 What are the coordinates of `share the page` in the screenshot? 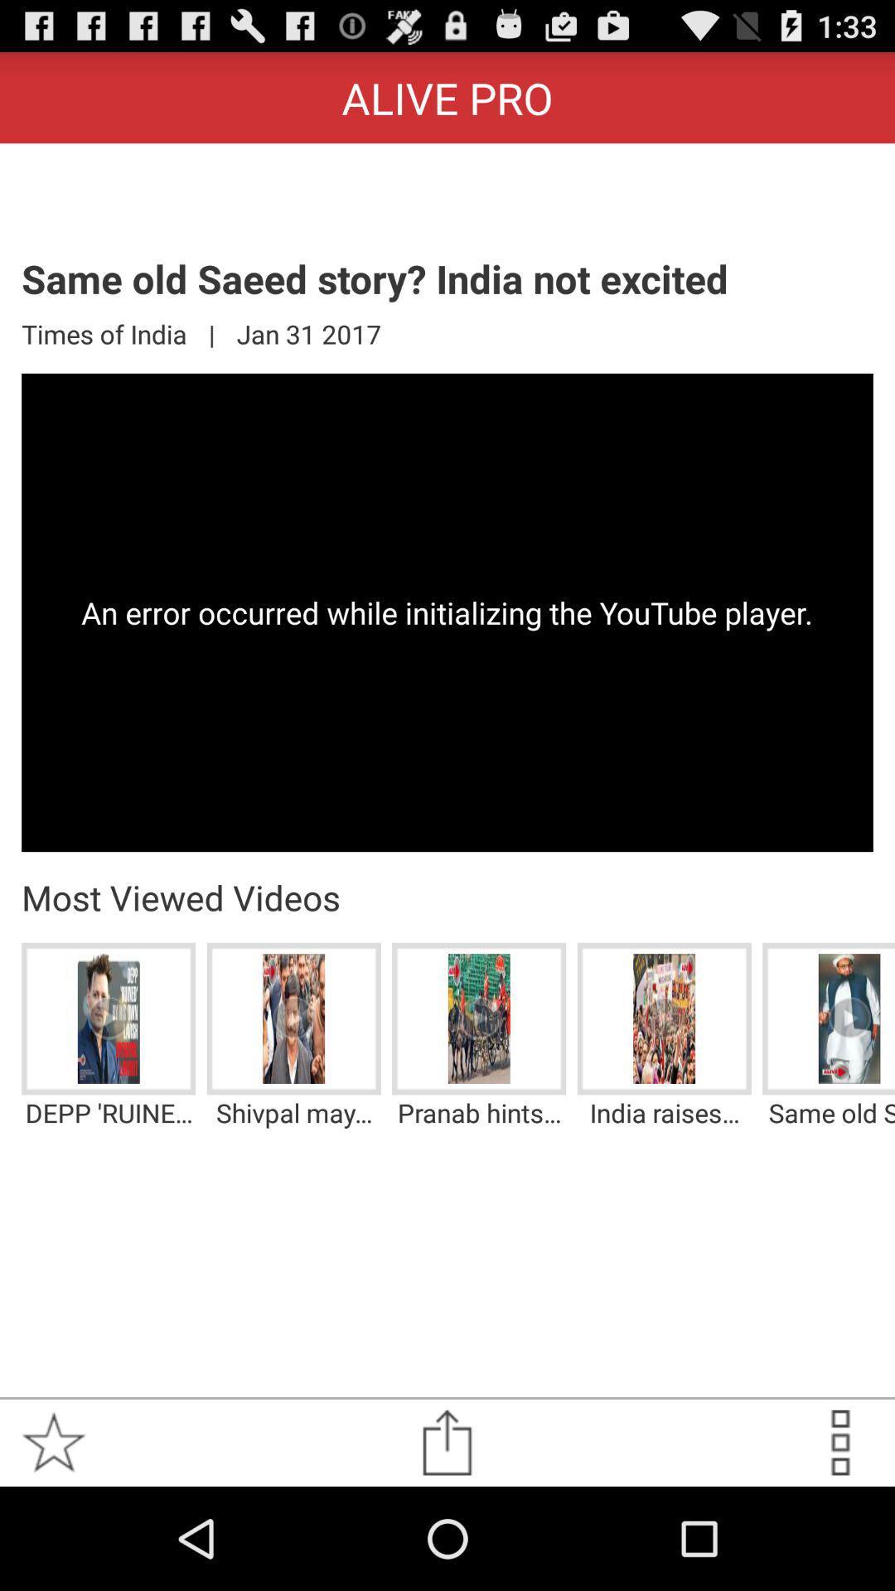 It's located at (446, 1442).